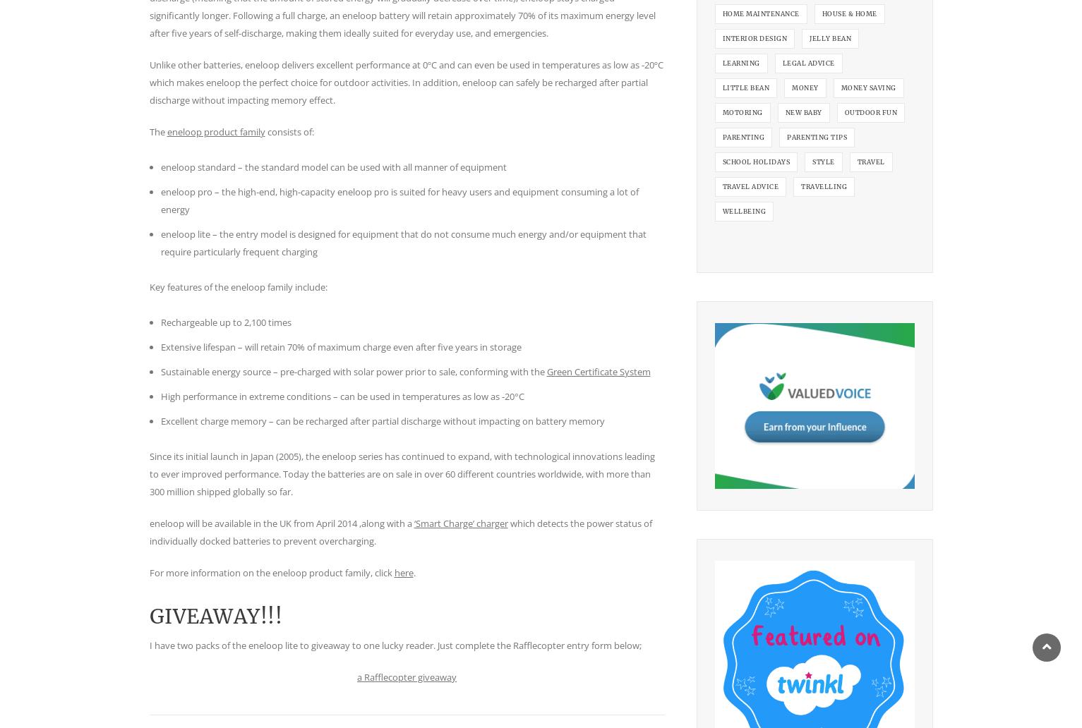  What do you see at coordinates (413, 572) in the screenshot?
I see `'.'` at bounding box center [413, 572].